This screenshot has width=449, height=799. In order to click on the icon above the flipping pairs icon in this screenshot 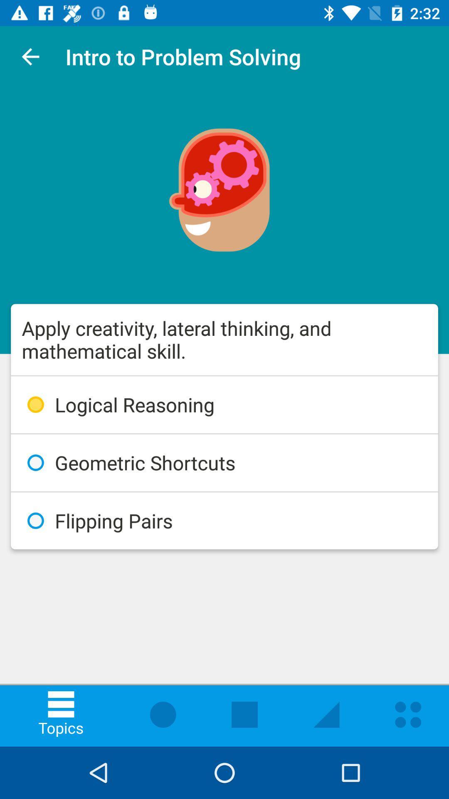, I will do `click(224, 462)`.